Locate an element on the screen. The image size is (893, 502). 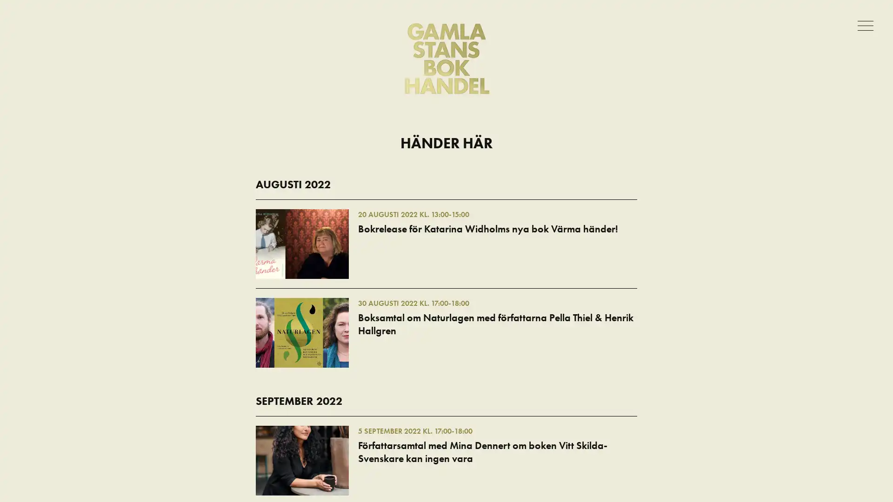
Meny is located at coordinates (867, 25).